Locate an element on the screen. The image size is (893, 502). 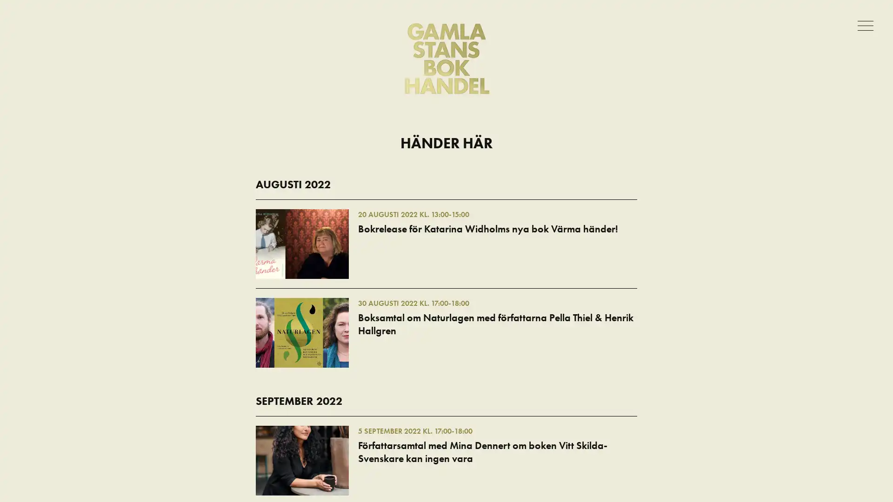
Meny is located at coordinates (867, 25).